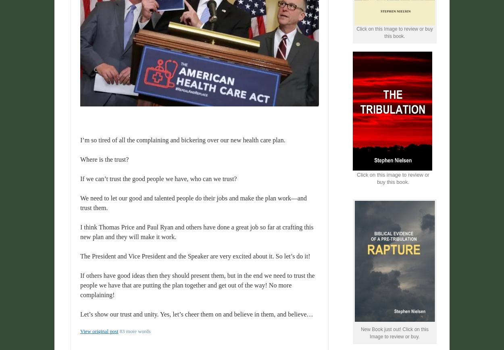 Image resolution: width=504 pixels, height=350 pixels. I want to click on '83 more words', so click(134, 331).